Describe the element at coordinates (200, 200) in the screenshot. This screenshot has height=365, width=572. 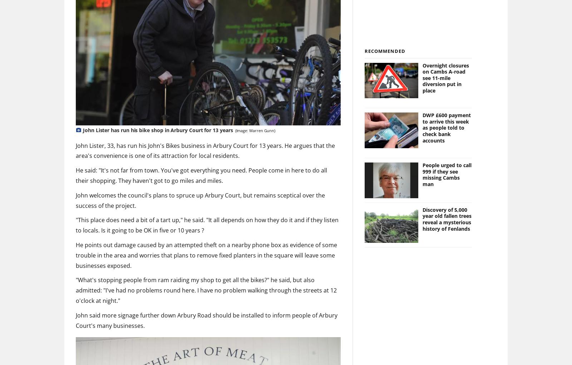
I see `'John welcomes the council's plans to spruce up Arbury Court, but remains sceptical over the success of the project.'` at that location.